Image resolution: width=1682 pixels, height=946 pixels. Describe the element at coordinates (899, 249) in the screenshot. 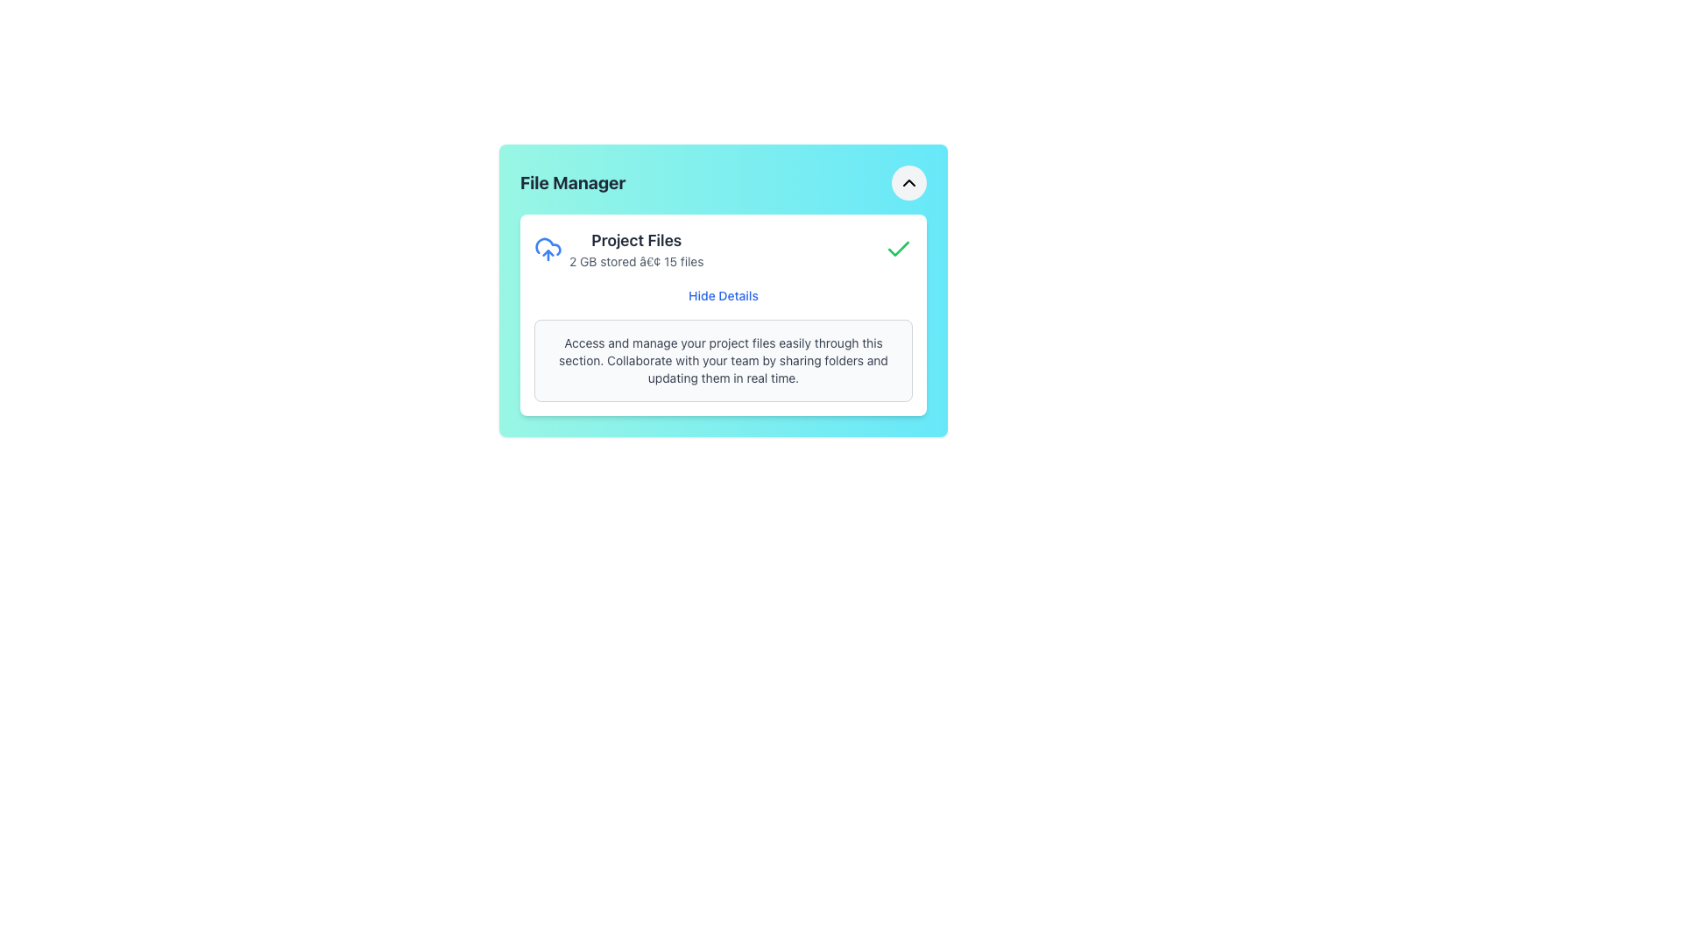

I see `the SVG checkmark icon indicating successful state, located to the right of the 'Project Files' label in the 'File Manager' section` at that location.